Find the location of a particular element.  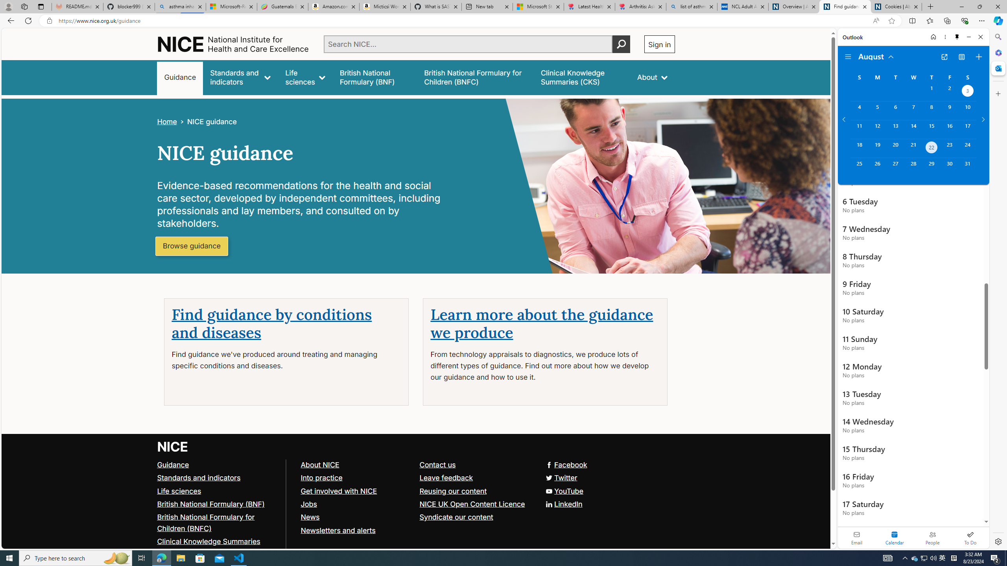

'Jobs' is located at coordinates (356, 504).